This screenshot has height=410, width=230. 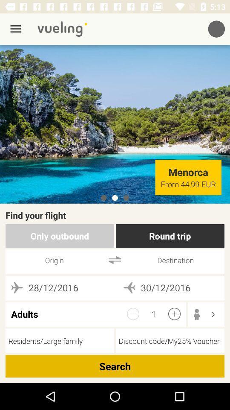 What do you see at coordinates (174, 313) in the screenshot?
I see `the add icon` at bounding box center [174, 313].